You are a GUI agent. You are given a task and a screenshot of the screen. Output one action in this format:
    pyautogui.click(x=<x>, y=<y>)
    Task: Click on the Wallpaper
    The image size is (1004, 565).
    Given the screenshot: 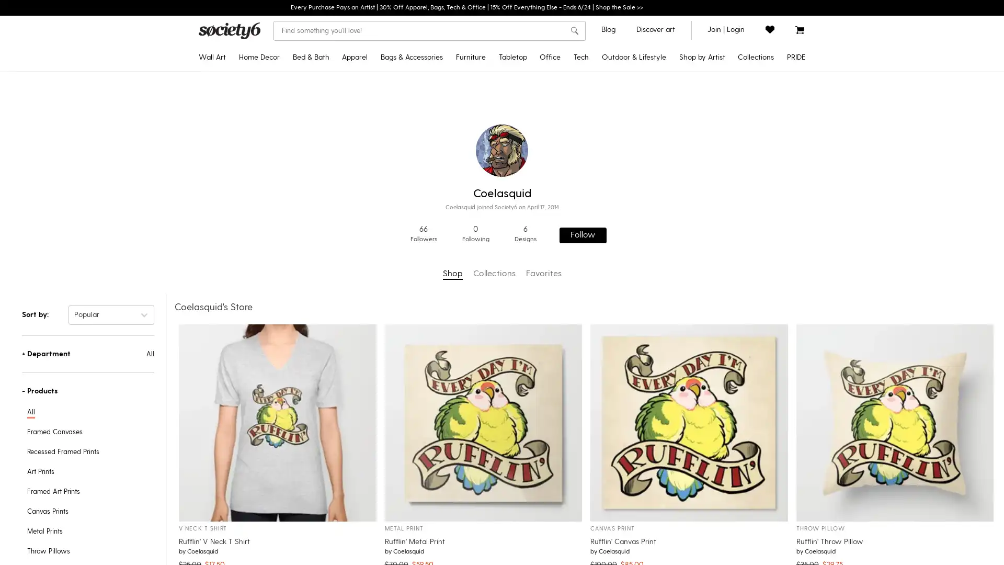 What is the action you would take?
    pyautogui.click(x=279, y=252)
    